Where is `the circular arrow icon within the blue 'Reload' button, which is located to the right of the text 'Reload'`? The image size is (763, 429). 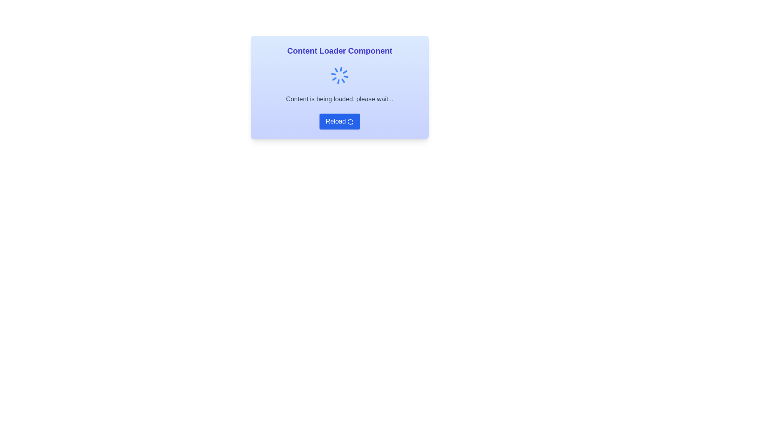 the circular arrow icon within the blue 'Reload' button, which is located to the right of the text 'Reload' is located at coordinates (350, 122).